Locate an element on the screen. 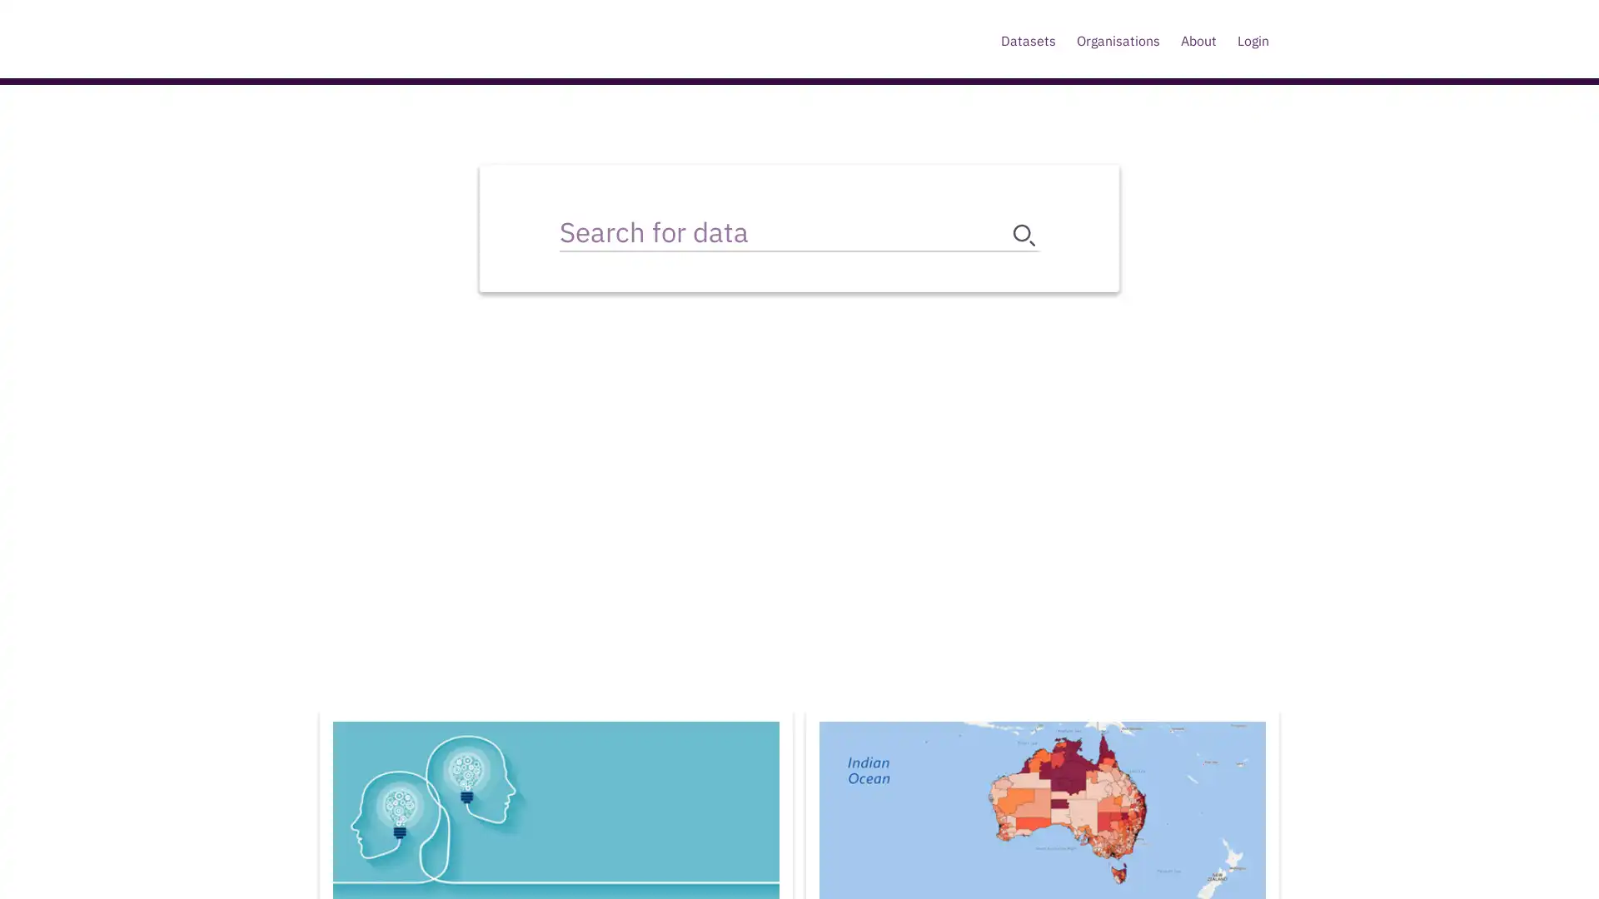 This screenshot has width=1599, height=899. search button submit search is located at coordinates (1023, 235).